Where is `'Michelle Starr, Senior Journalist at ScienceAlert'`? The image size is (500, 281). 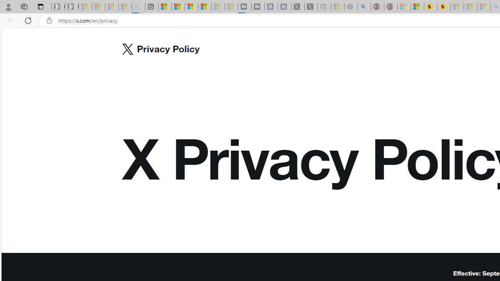
'Michelle Starr, Senior Journalist at ScienceAlert' is located at coordinates (444, 7).